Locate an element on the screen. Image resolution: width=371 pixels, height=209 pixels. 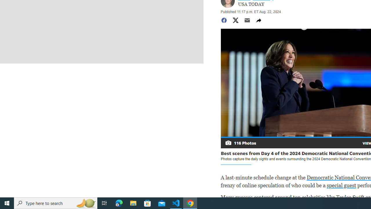
'Share natively' is located at coordinates (258, 20).